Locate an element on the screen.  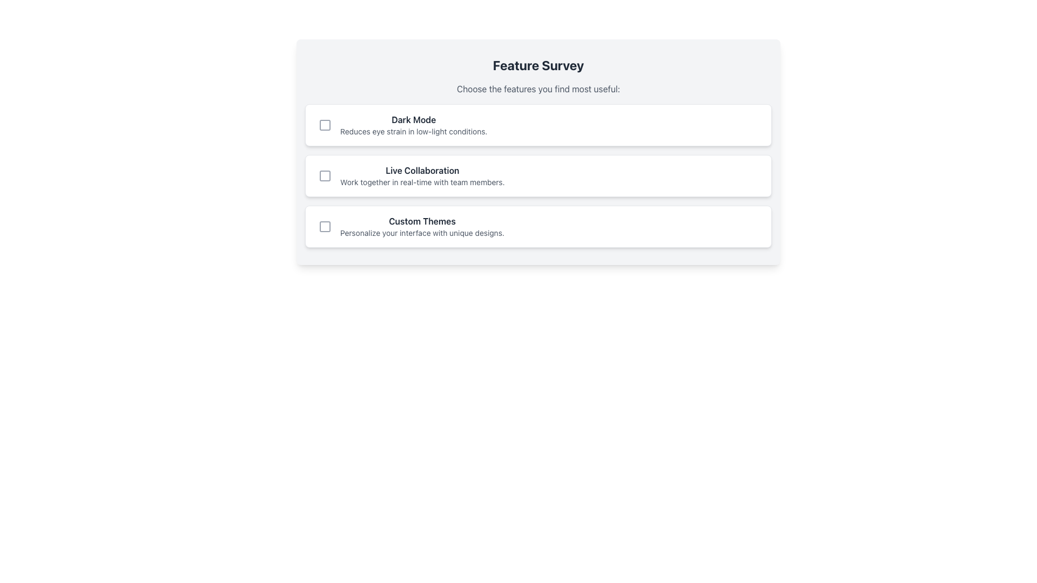
the checkbox in the selectable card for 'Live Collaboration' is located at coordinates (538, 175).